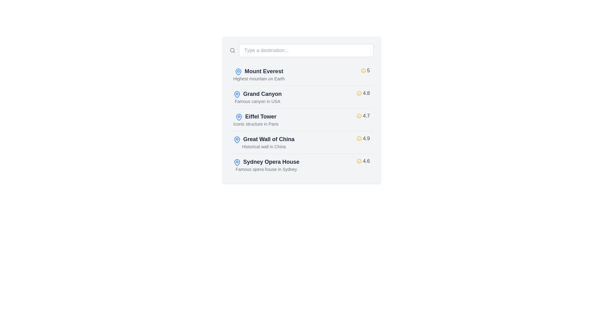 The height and width of the screenshot is (335, 596). Describe the element at coordinates (363, 70) in the screenshot. I see `the circular yellow icon with a smiley face located next to the text '5' for 'Mount Everest'` at that location.